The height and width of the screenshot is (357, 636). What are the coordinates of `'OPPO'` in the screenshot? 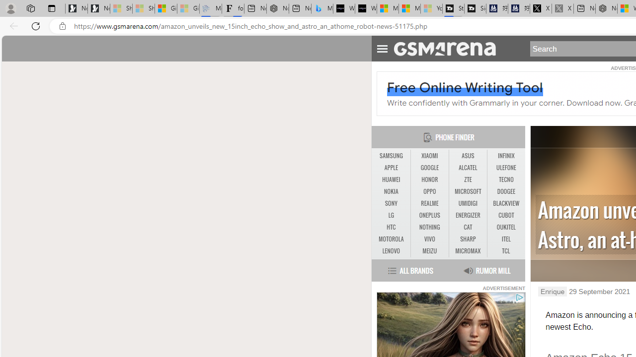 It's located at (429, 192).